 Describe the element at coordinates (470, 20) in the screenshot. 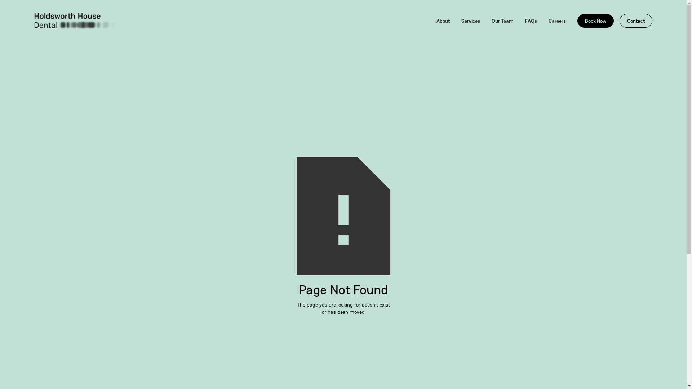

I see `'Services'` at that location.